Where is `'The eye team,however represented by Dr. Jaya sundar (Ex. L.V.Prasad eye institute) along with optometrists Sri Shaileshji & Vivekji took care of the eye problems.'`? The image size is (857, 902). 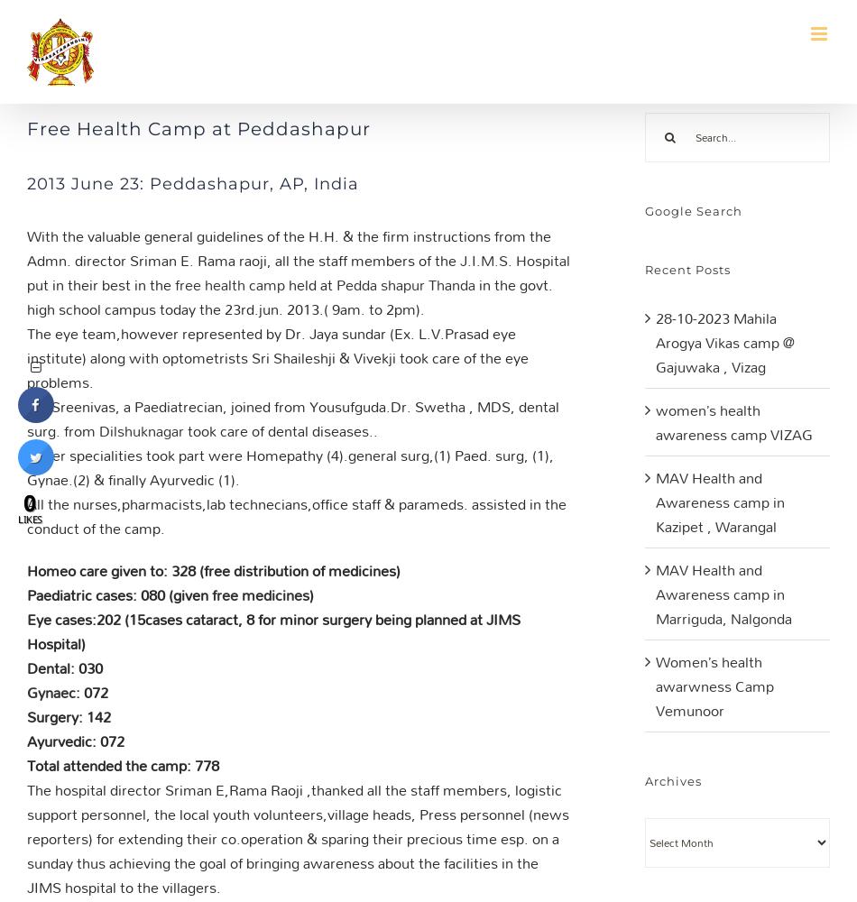
'The eye team,however represented by Dr. Jaya sundar (Ex. L.V.Prasad eye institute) along with optometrists Sri Shaileshji & Vivekji took care of the eye problems.' is located at coordinates (276, 357).